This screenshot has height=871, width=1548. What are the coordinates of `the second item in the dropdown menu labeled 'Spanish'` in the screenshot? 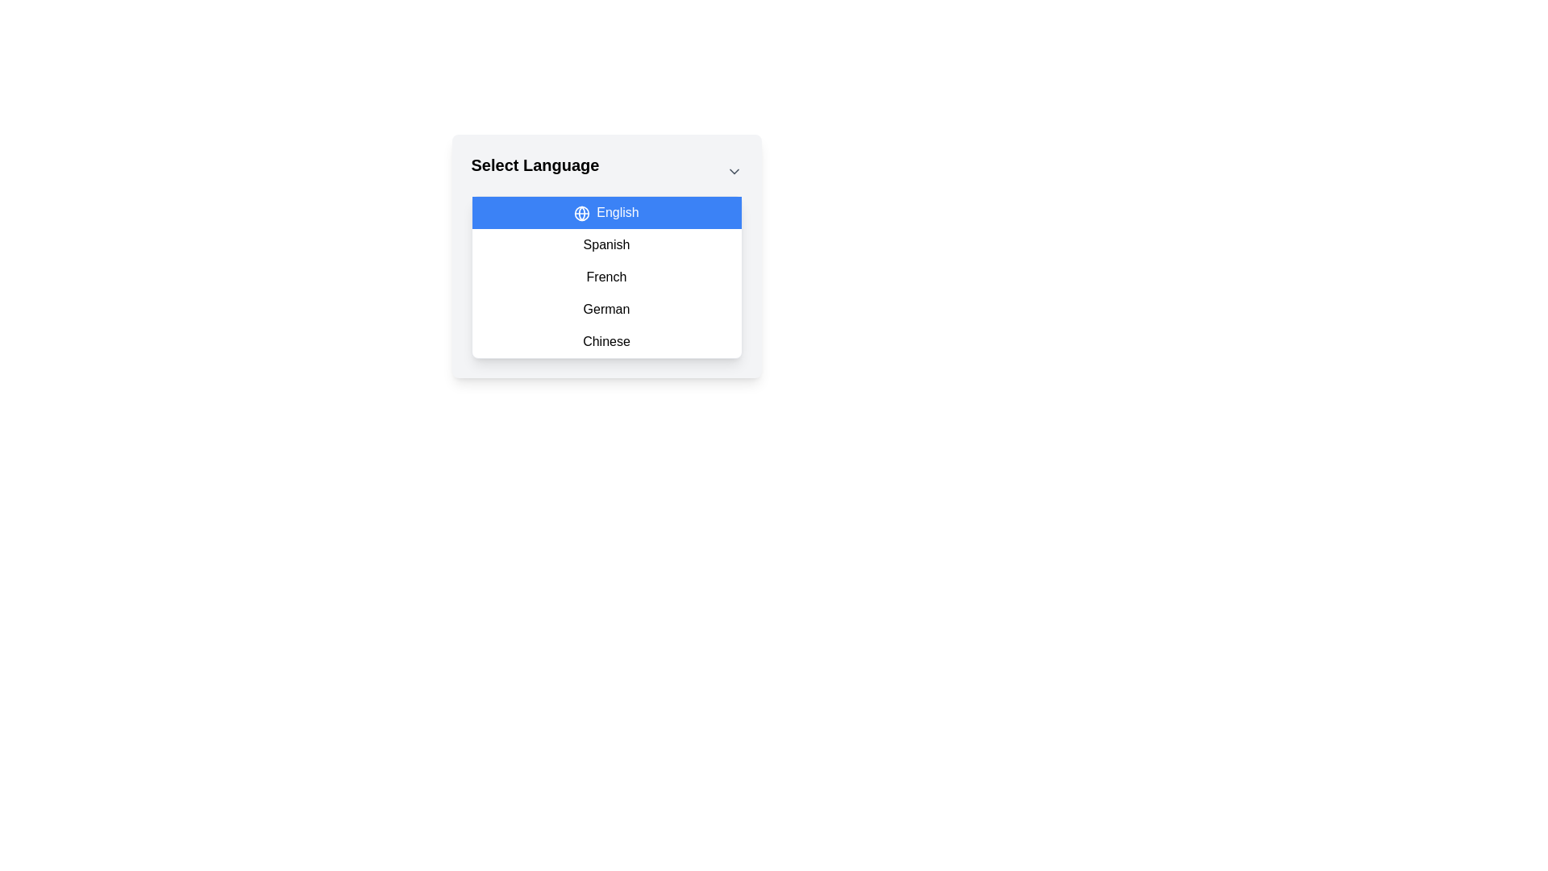 It's located at (605, 245).